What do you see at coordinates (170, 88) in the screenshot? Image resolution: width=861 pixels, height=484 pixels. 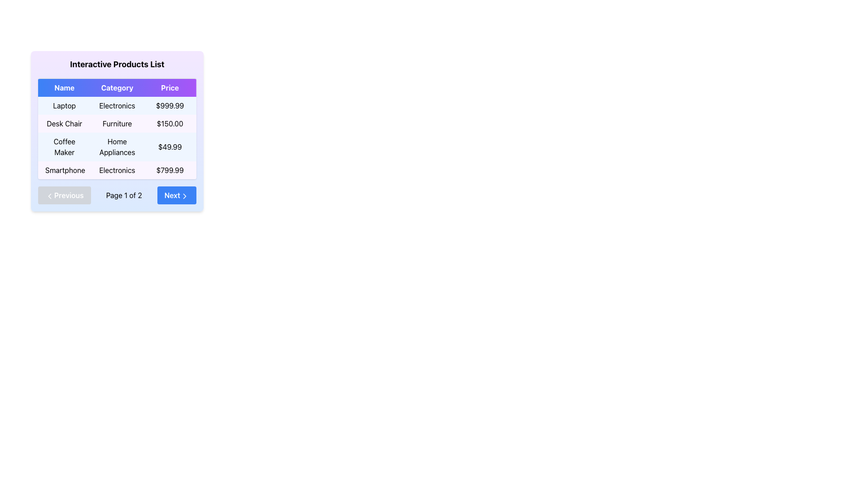 I see `the 'Price' header label in the table` at bounding box center [170, 88].